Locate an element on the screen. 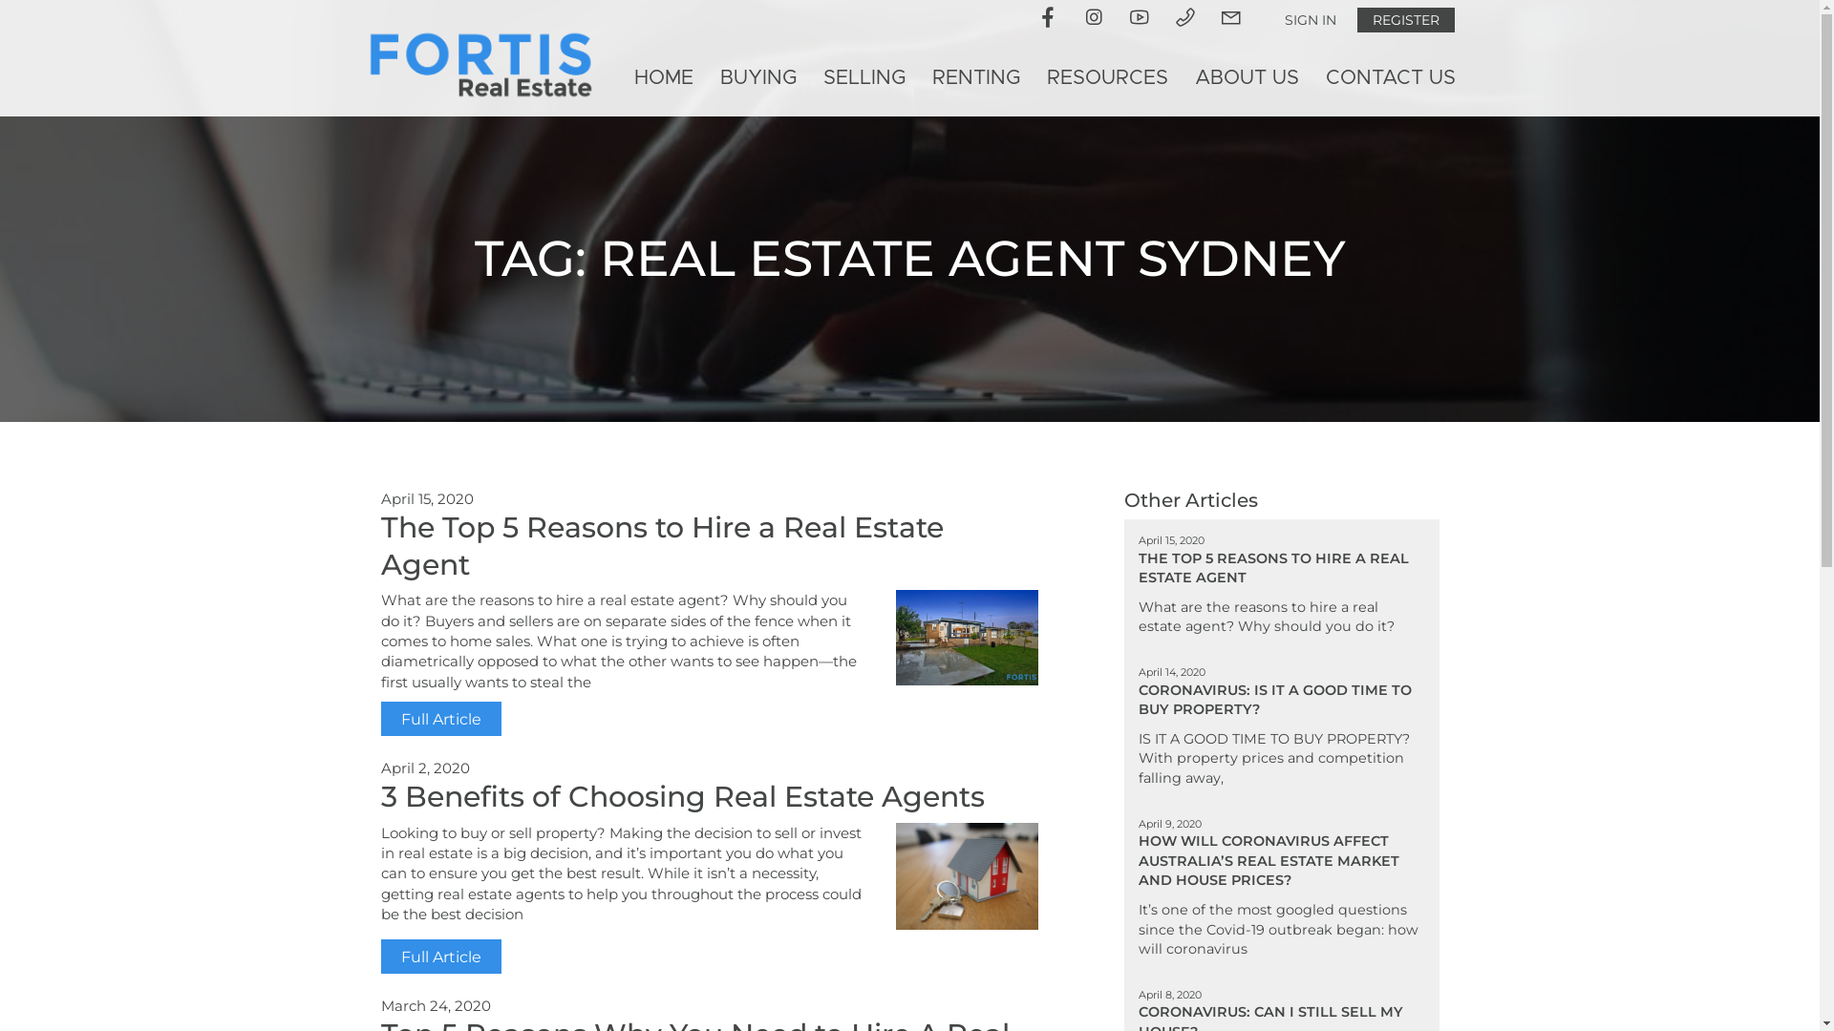 The height and width of the screenshot is (1031, 1834). 'ABOUT US' is located at coordinates (1246, 76).